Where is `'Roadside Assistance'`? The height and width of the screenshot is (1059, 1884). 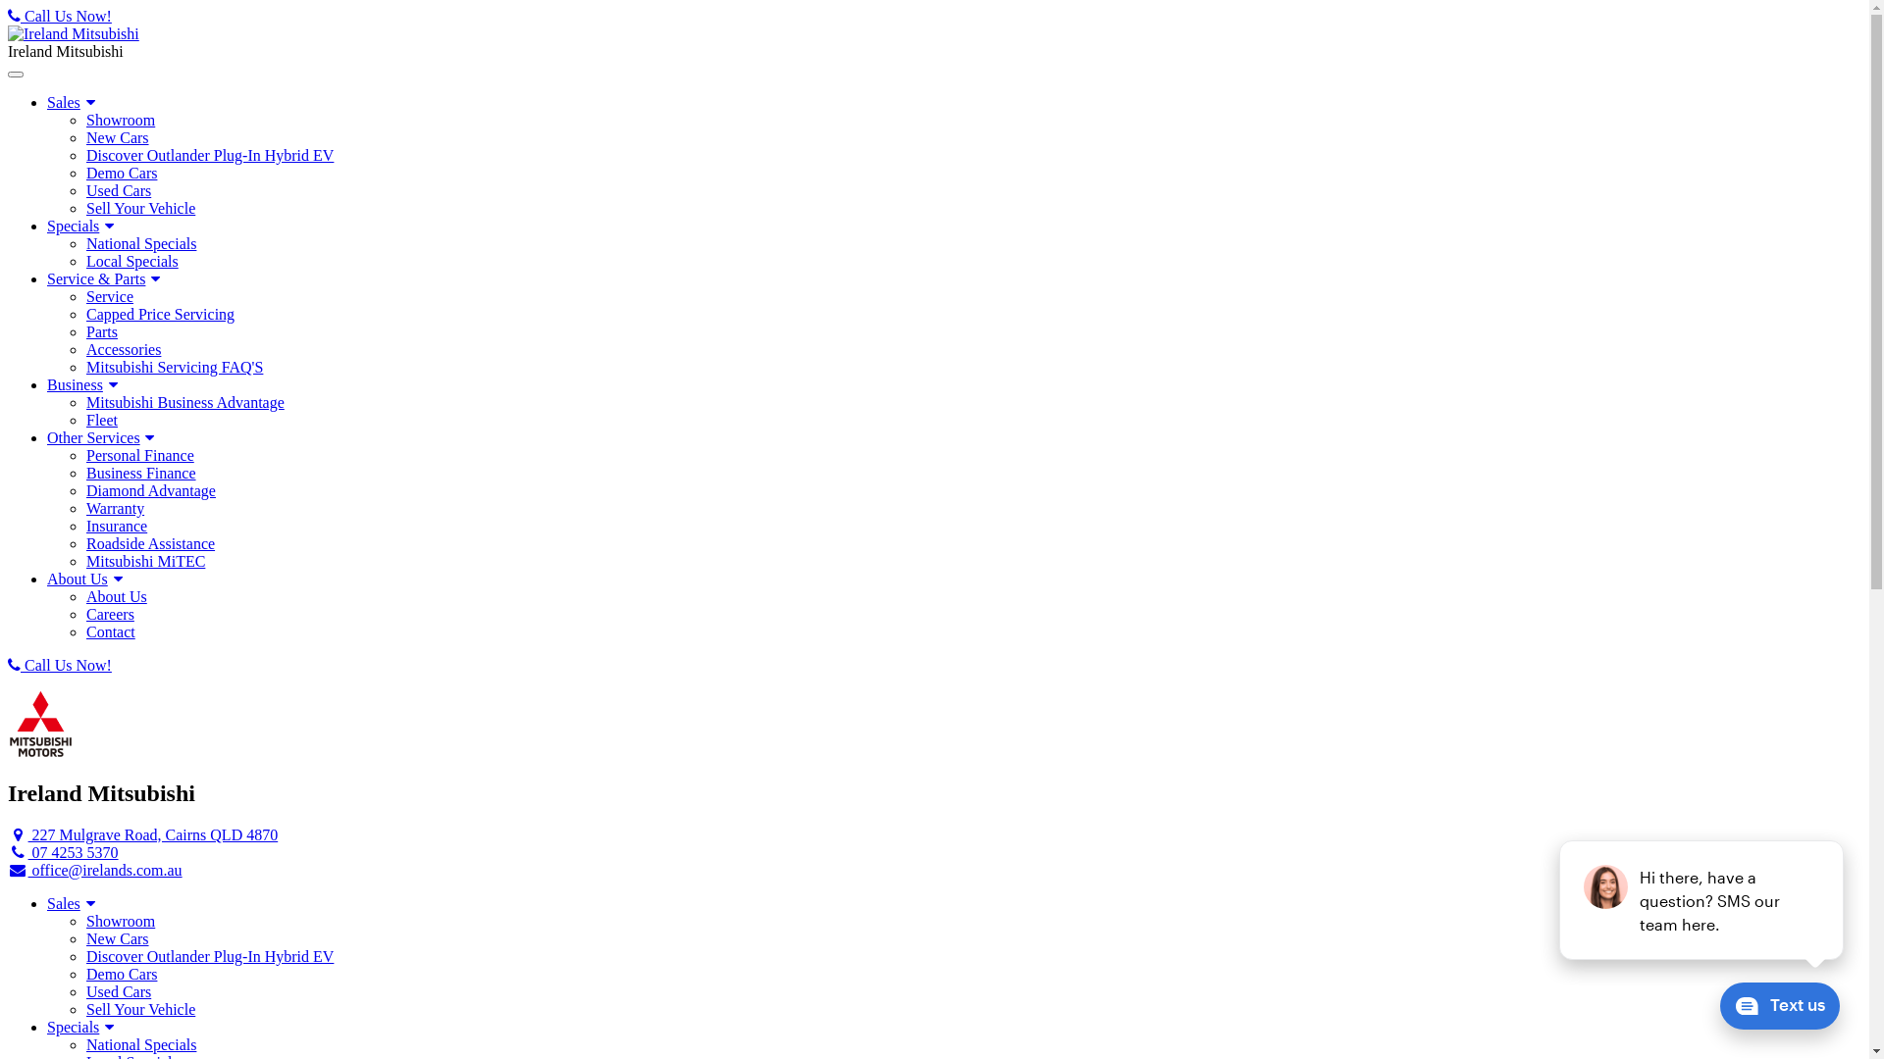
'Roadside Assistance' is located at coordinates (84, 544).